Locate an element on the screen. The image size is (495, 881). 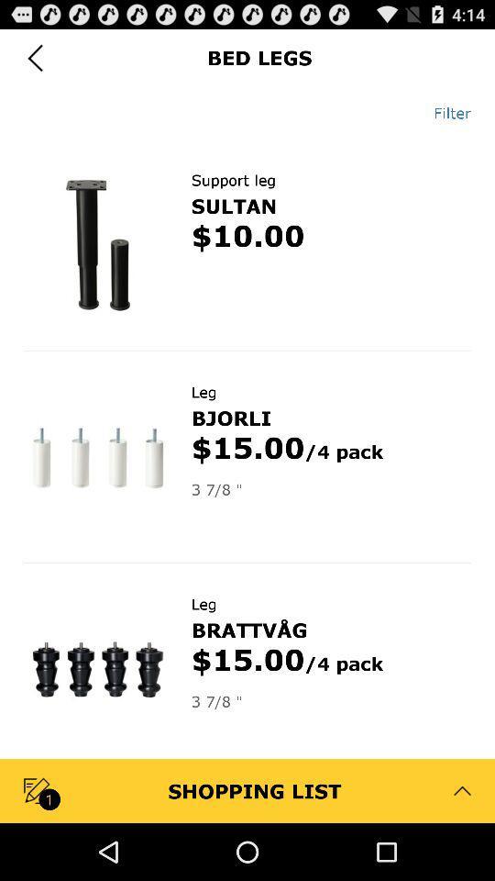
app below bed legs is located at coordinates (445, 112).